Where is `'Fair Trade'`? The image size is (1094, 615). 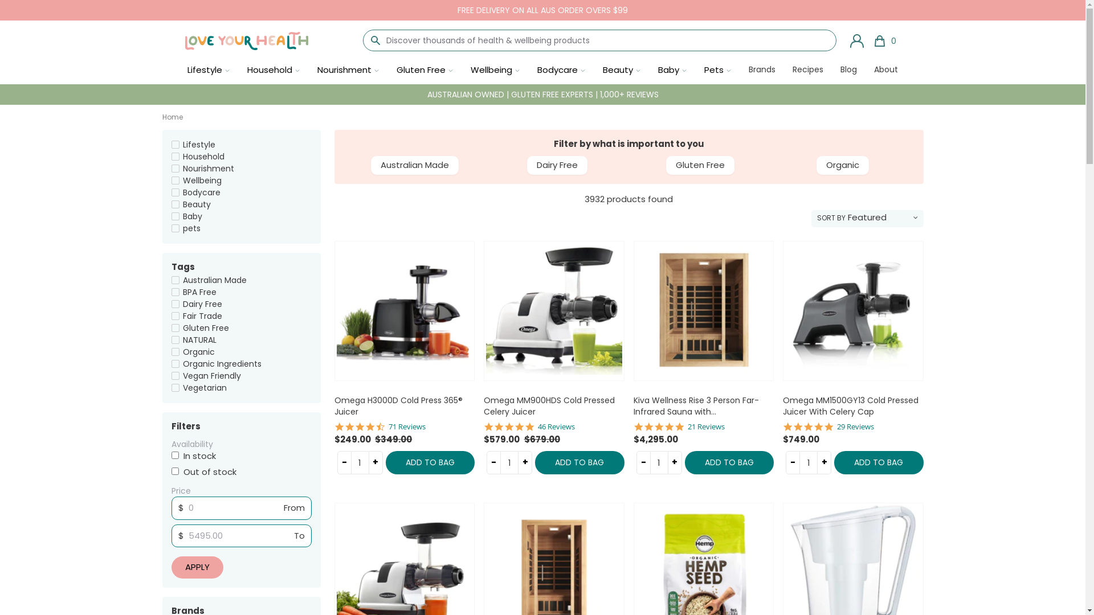
'Fair Trade' is located at coordinates (183, 316).